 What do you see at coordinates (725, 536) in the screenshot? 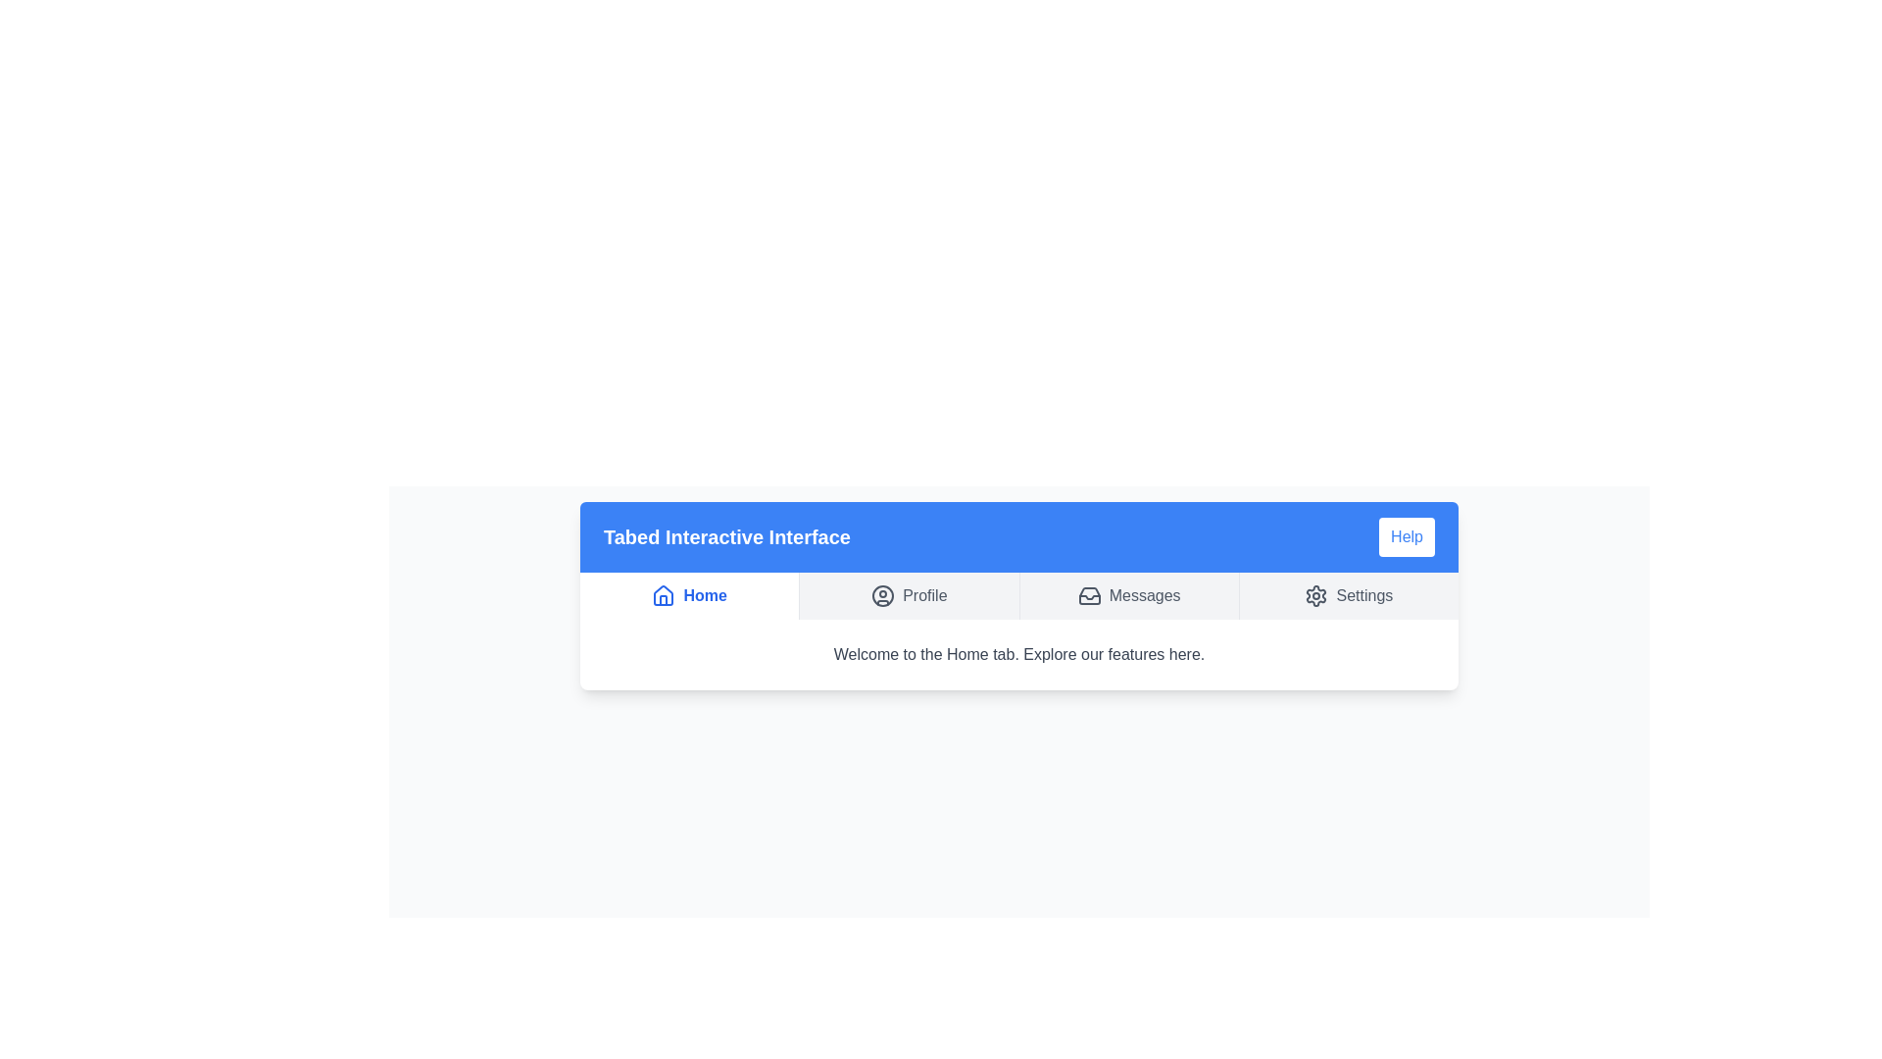
I see `text label that displays 'Tabed Interactive Interface', which is a bold white text on a blue background located on the left section of the header bar` at bounding box center [725, 536].